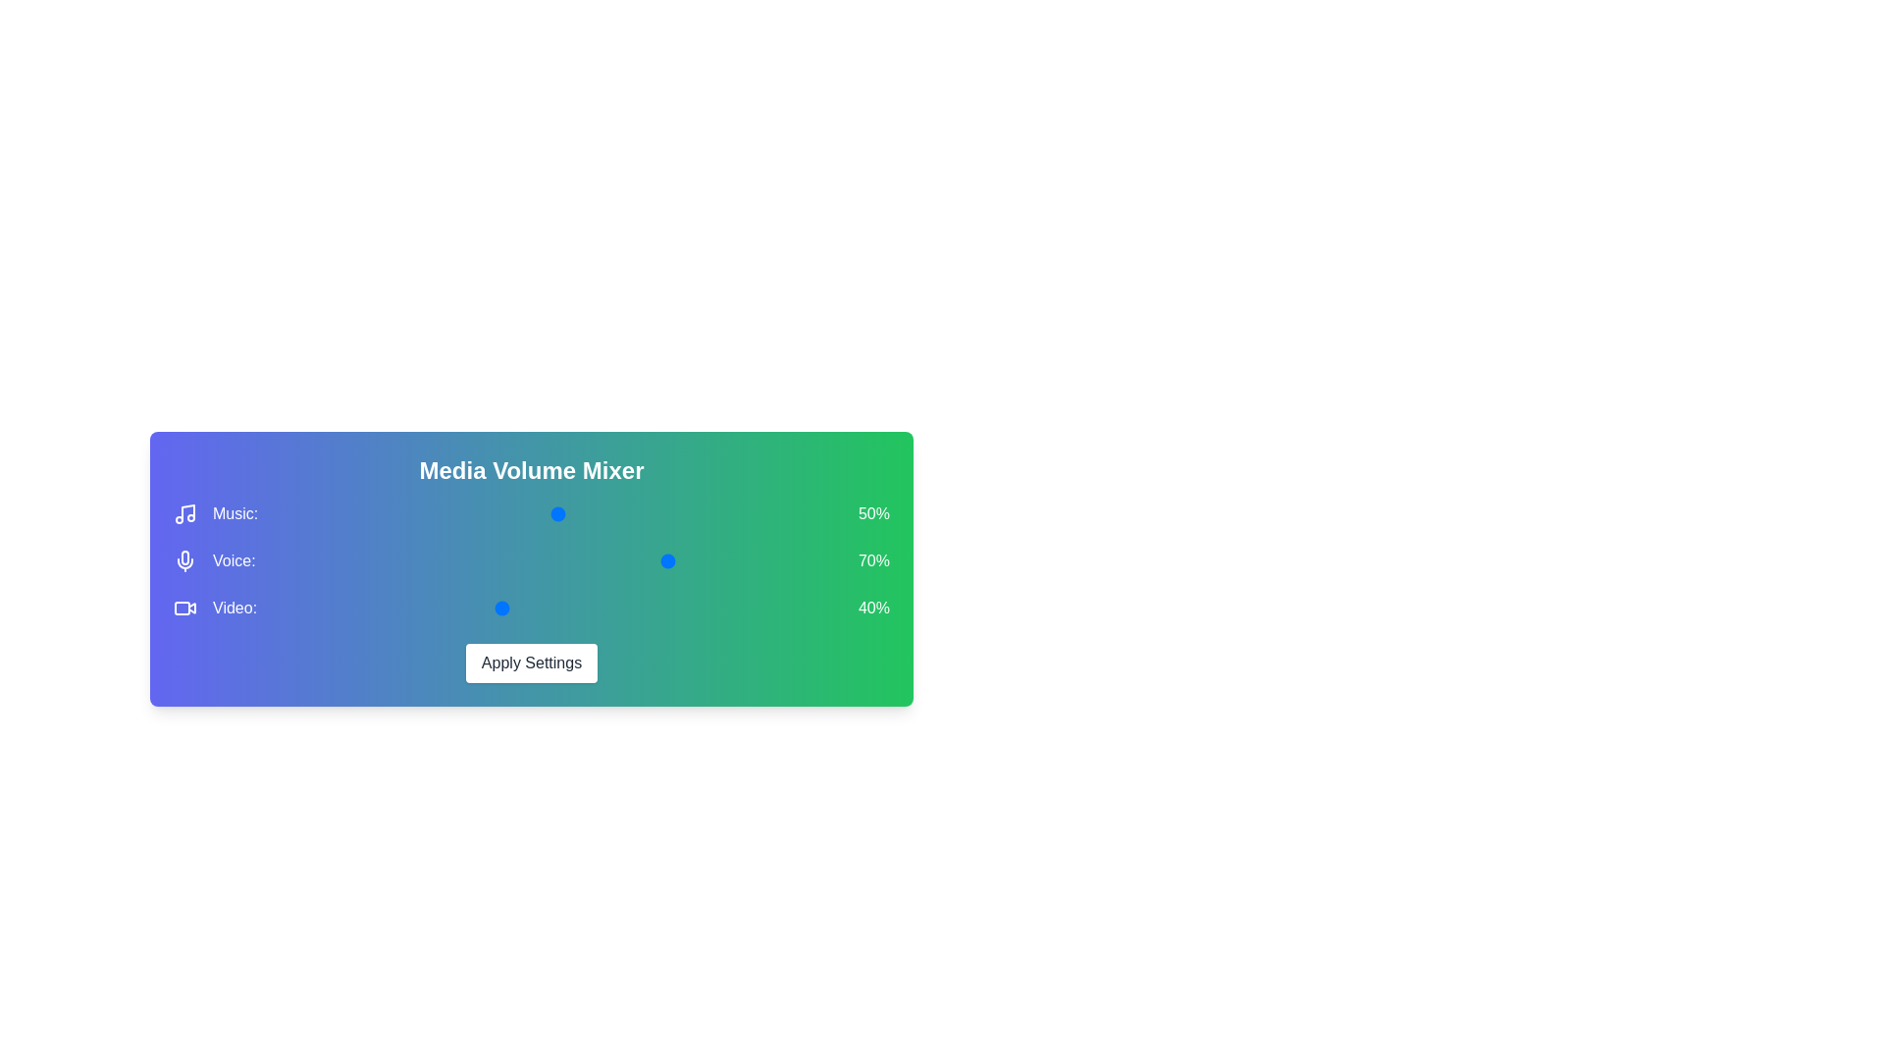 This screenshot has height=1060, width=1884. I want to click on the 0 volume to 30% by moving the corresponding slider, so click(644, 513).